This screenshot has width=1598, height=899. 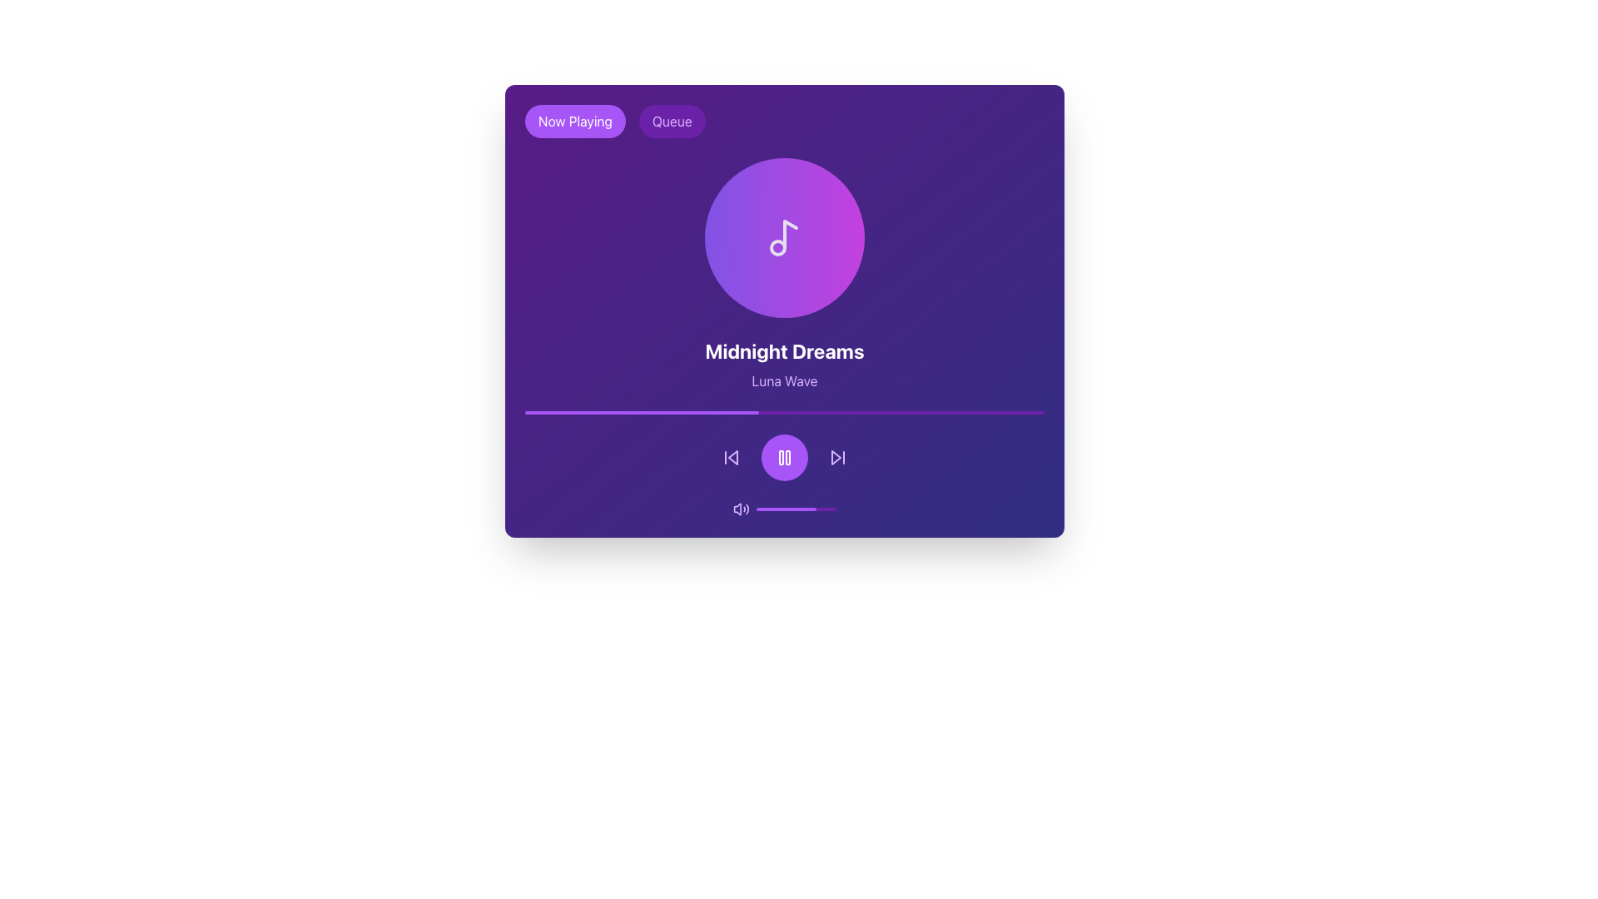 I want to click on the text display that reads 'Midnight Dreams' and 'Luna Wave', which is centrally located below a musical note icon on a purple background, so click(x=783, y=364).